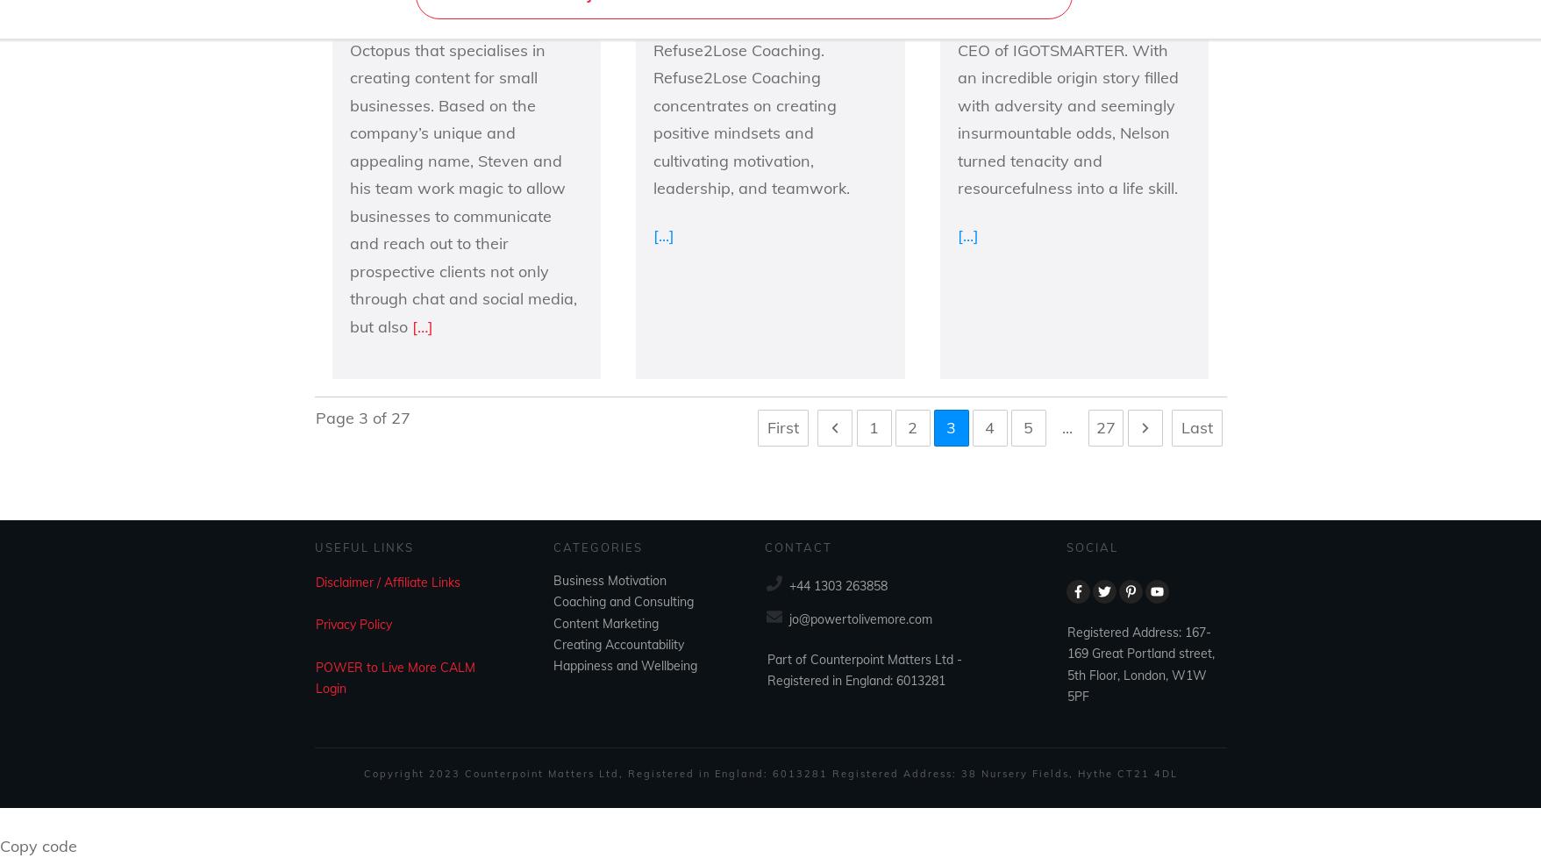 The image size is (1541, 858). I want to click on 'jo@powertolivemore.com', so click(859, 619).